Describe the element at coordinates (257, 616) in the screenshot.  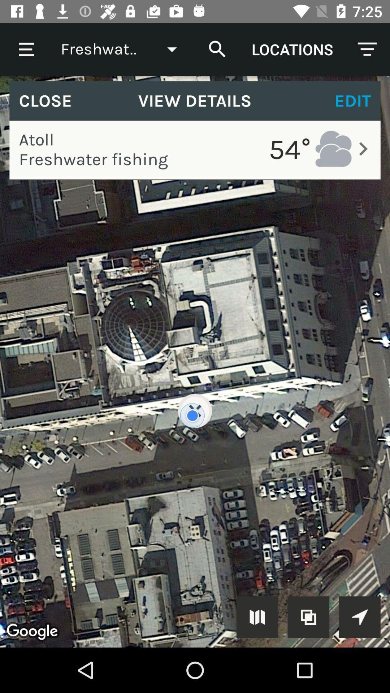
I see `open more screens` at that location.